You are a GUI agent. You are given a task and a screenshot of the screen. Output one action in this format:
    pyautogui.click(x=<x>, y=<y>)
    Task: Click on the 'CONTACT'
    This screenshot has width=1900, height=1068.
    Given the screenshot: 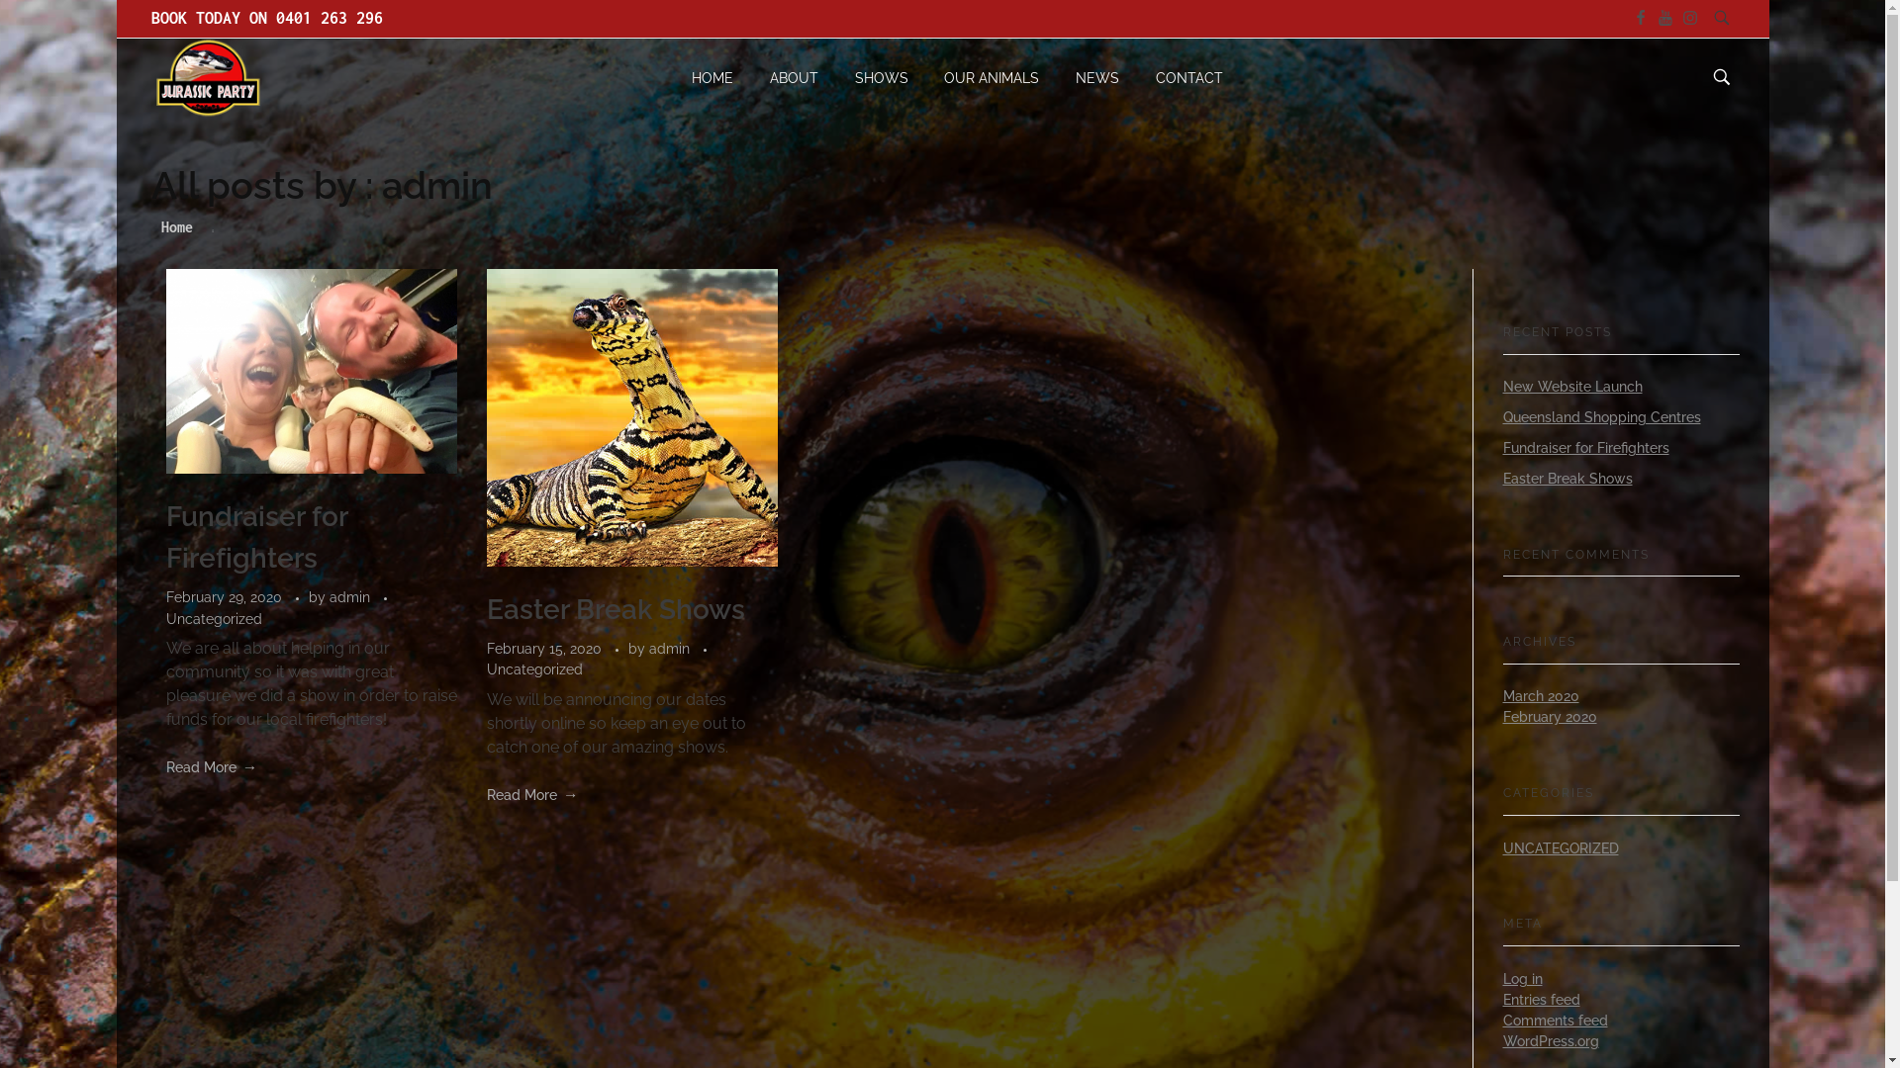 What is the action you would take?
    pyautogui.click(x=1181, y=76)
    